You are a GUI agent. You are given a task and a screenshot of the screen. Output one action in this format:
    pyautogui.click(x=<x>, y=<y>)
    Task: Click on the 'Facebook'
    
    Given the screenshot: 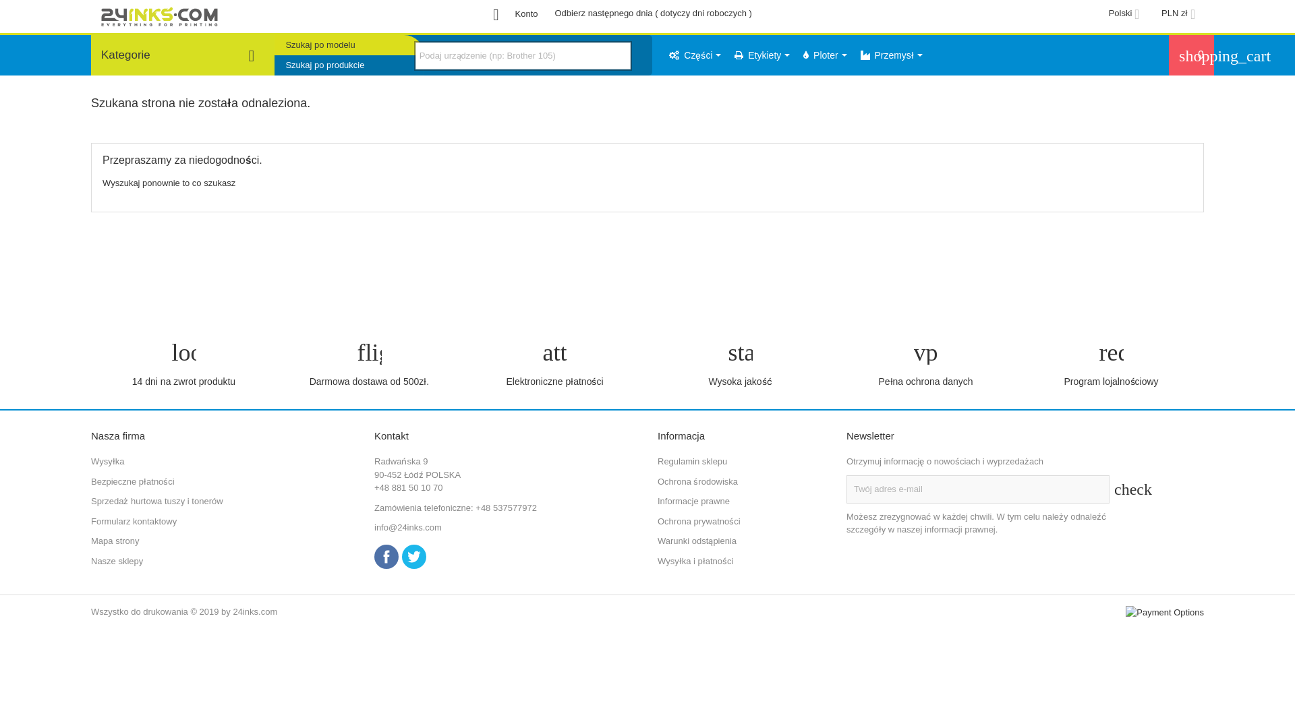 What is the action you would take?
    pyautogui.click(x=385, y=556)
    